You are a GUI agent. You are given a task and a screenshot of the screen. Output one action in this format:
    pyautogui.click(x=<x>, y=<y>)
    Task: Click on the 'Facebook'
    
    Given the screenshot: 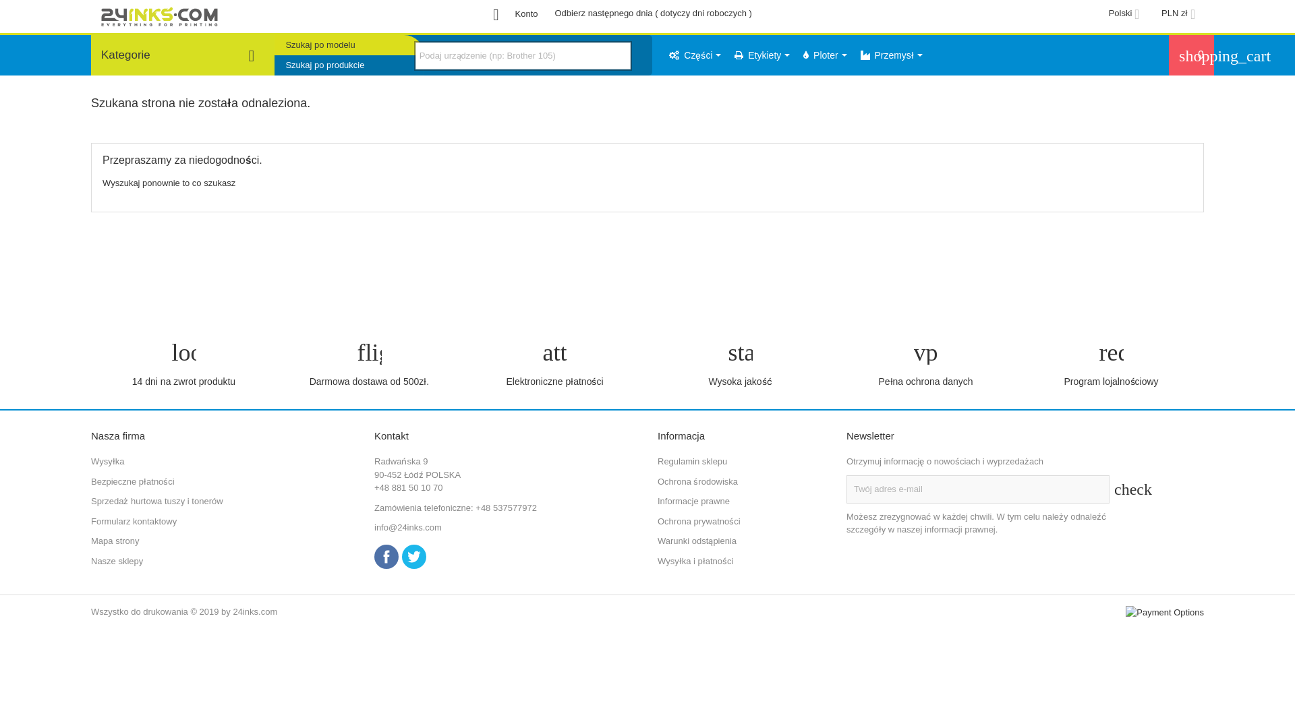 What is the action you would take?
    pyautogui.click(x=385, y=556)
    